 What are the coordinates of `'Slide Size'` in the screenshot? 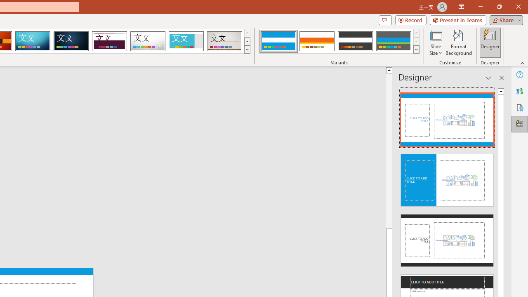 It's located at (435, 42).